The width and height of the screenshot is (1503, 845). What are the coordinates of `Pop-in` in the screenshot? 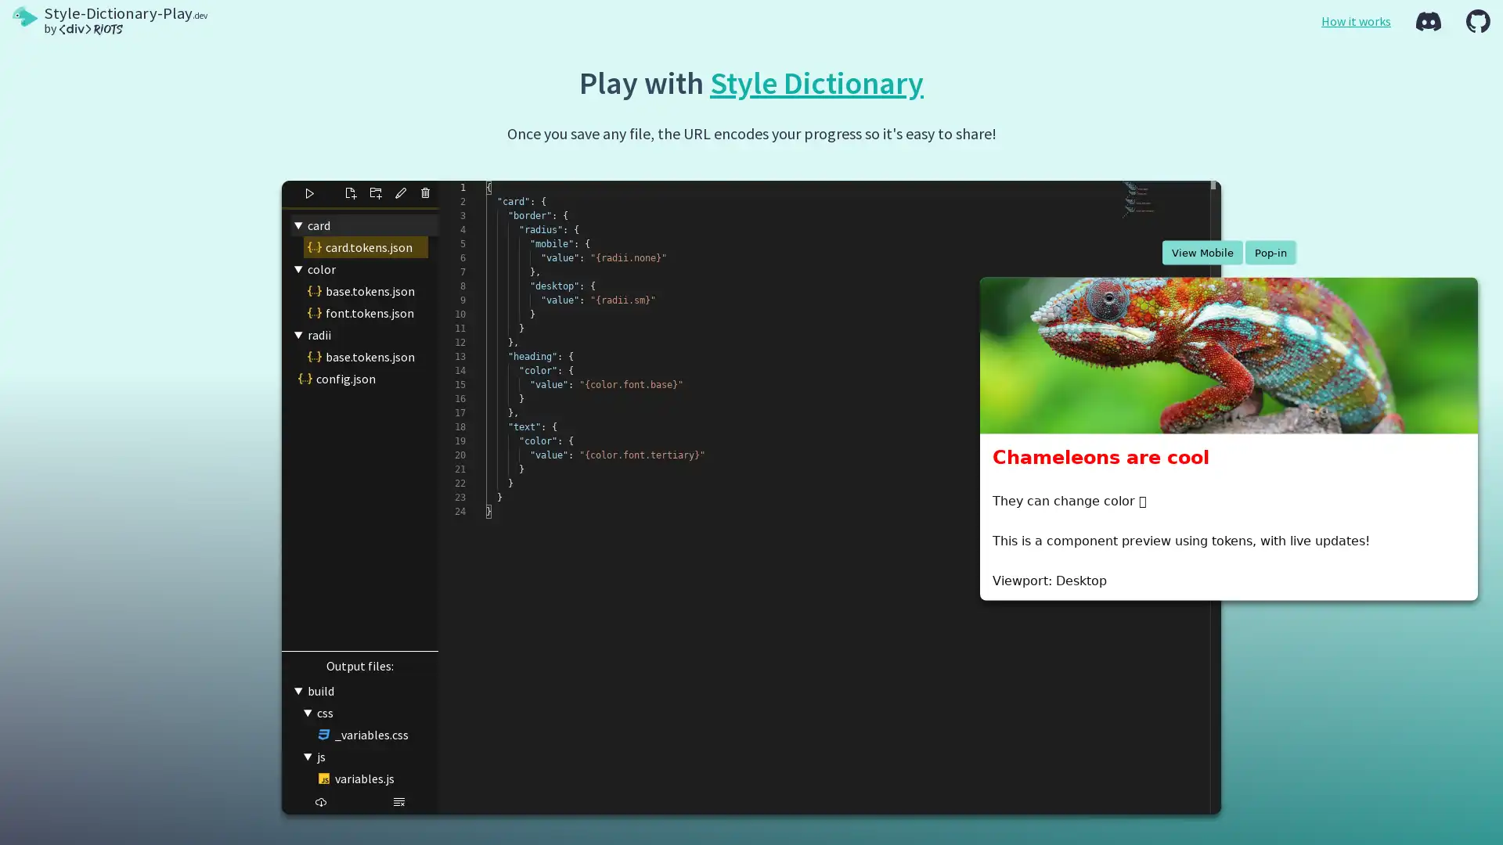 It's located at (1270, 251).